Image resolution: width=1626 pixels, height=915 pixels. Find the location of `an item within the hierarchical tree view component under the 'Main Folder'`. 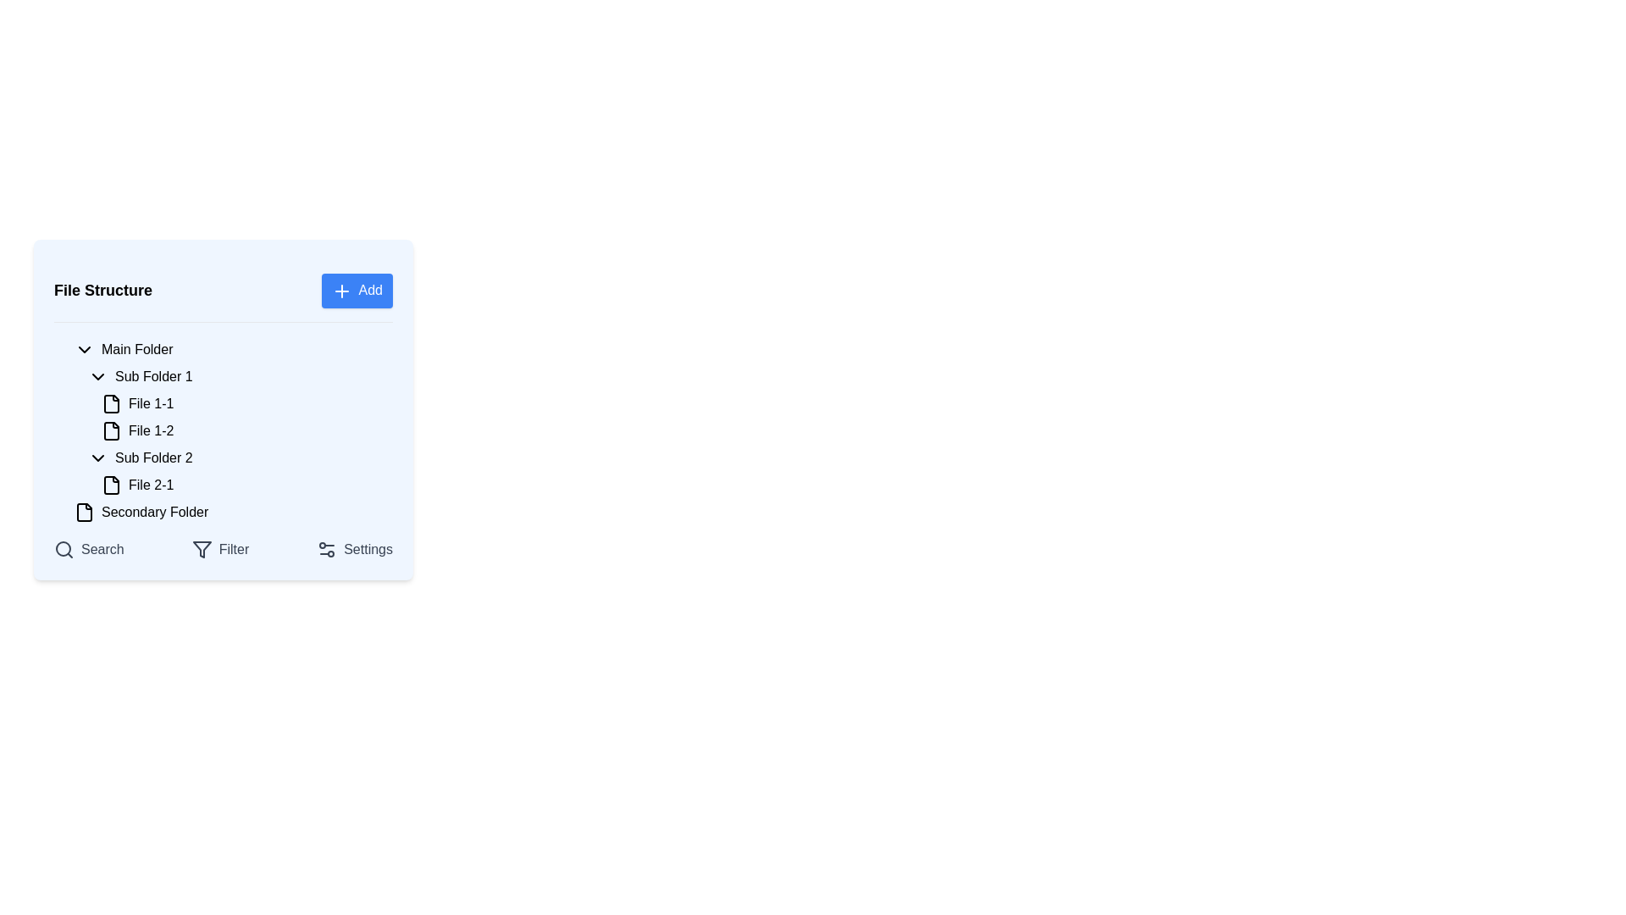

an item within the hierarchical tree view component under the 'Main Folder' is located at coordinates (230, 430).